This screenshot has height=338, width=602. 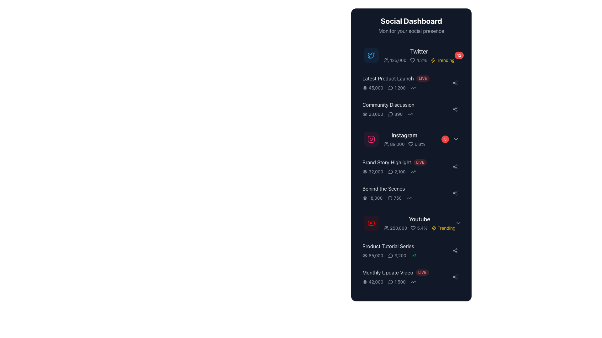 I want to click on the Twitter information display panel located at the top of the social dashboard, which shows statistics and status, so click(x=419, y=55).